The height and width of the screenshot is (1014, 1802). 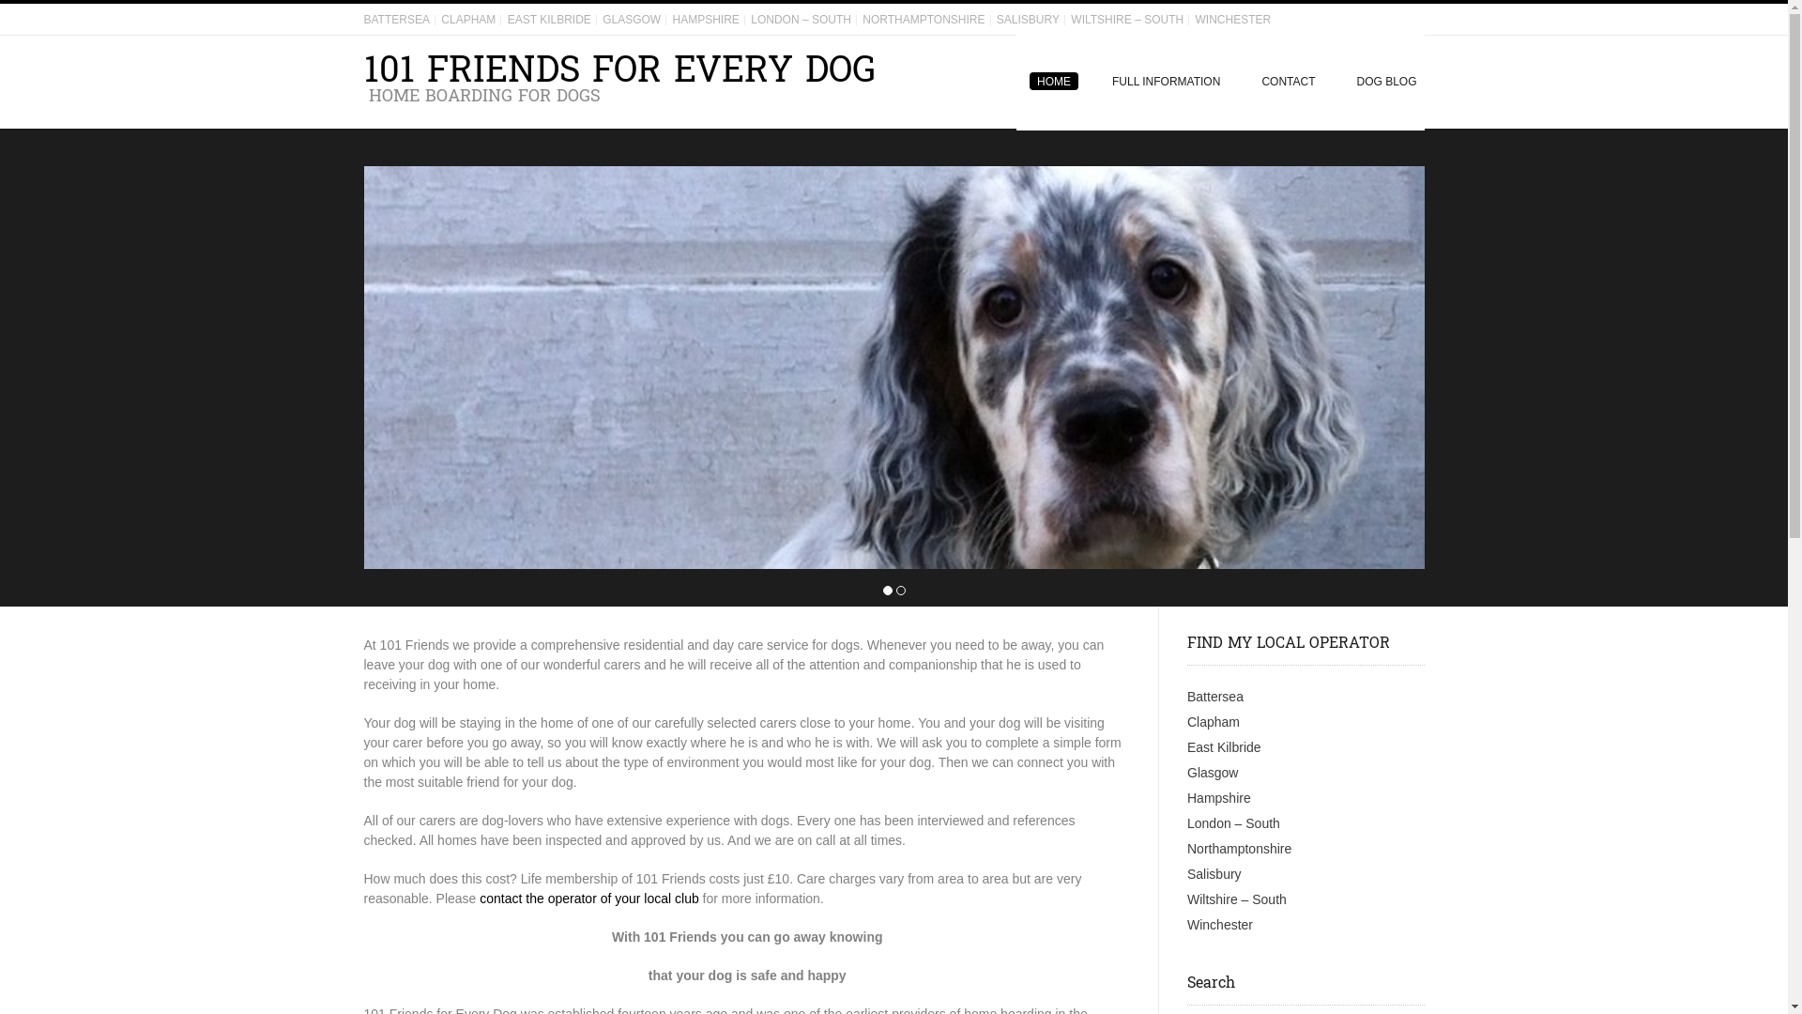 I want to click on 'EAST KILBRIDE', so click(x=548, y=19).